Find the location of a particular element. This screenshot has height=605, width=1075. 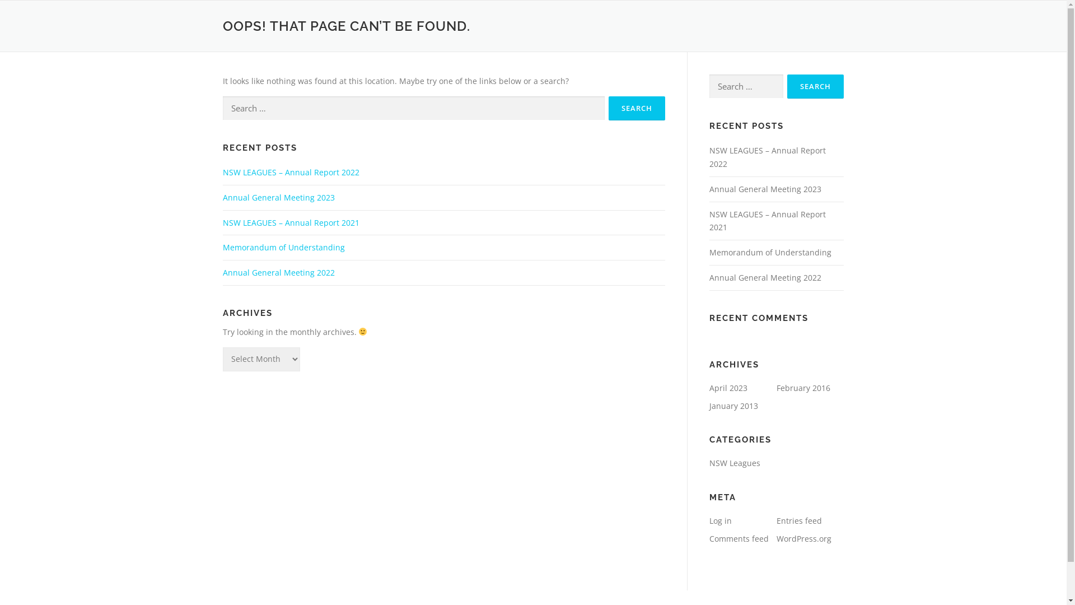

'January 2013' is located at coordinates (733, 406).